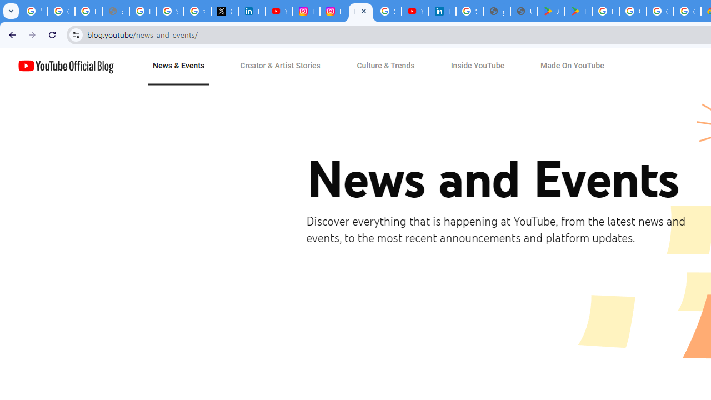 The height and width of the screenshot is (400, 711). I want to click on 'News & Events', so click(178, 66).